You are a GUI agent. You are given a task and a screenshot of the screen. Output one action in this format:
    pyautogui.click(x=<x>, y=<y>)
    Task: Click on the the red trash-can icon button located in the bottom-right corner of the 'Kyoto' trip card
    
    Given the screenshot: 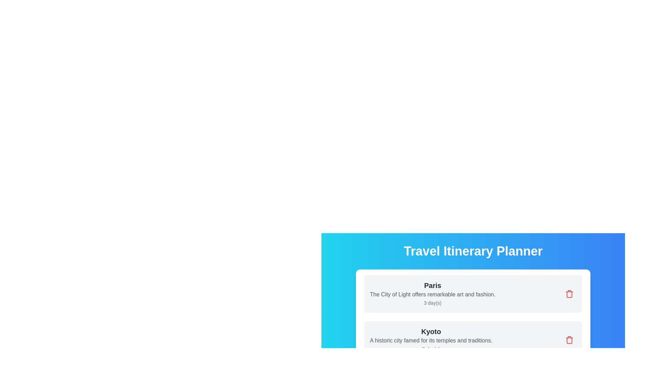 What is the action you would take?
    pyautogui.click(x=569, y=340)
    